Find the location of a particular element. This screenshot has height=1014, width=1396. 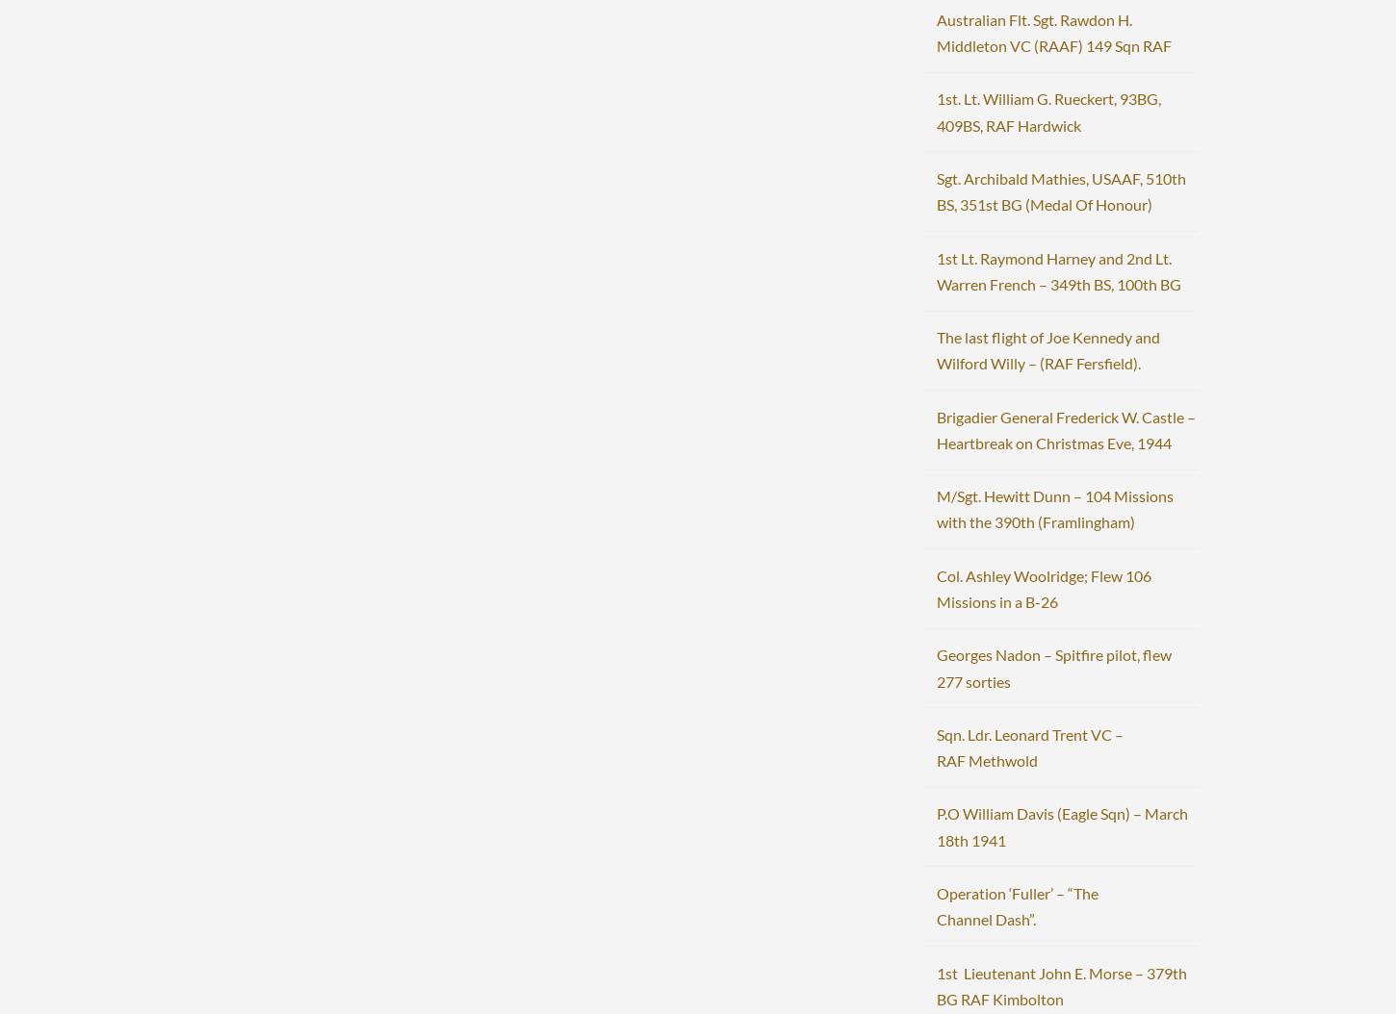

'The last flight of Joe Kennedy and Wilford Willy – (RAF Fersfield).' is located at coordinates (1047, 350).